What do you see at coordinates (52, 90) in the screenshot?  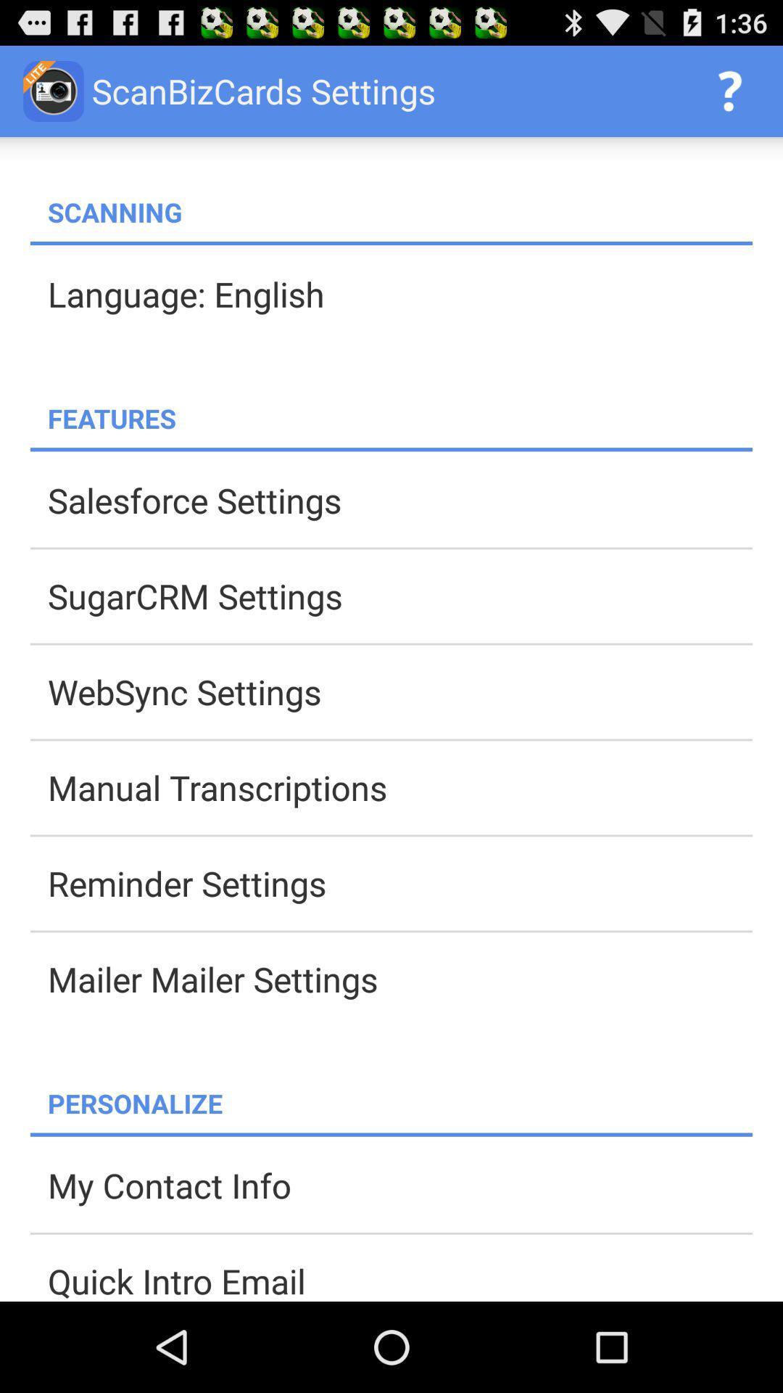 I see `the icon which is beside scanbizcards settings` at bounding box center [52, 90].